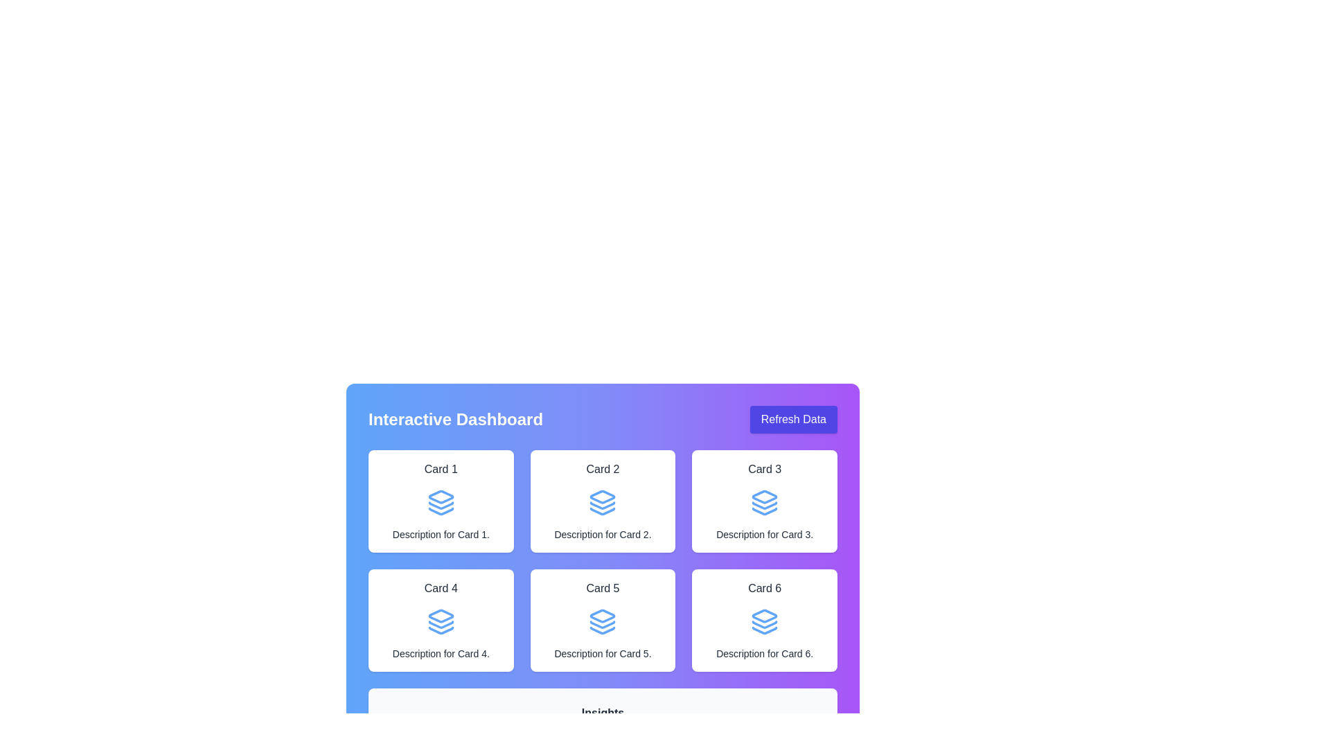 The width and height of the screenshot is (1330, 748). I want to click on the decorative icon representing layers or hierarchies located in the first card titled 'Card 1' on the top row of the card grid layout, so click(440, 502).